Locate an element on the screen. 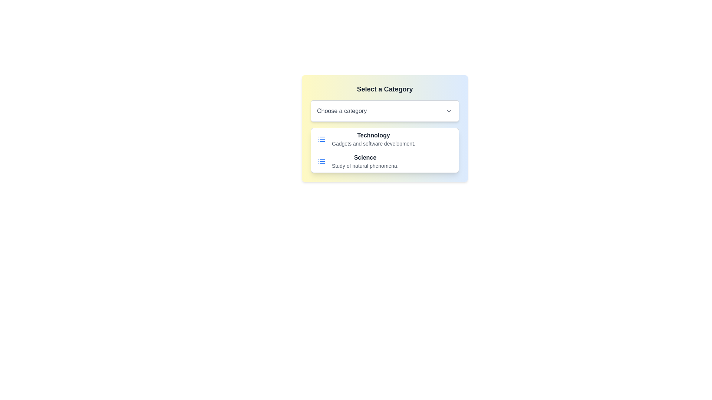  the selectable option categorized as 'Technology' is located at coordinates (385, 139).